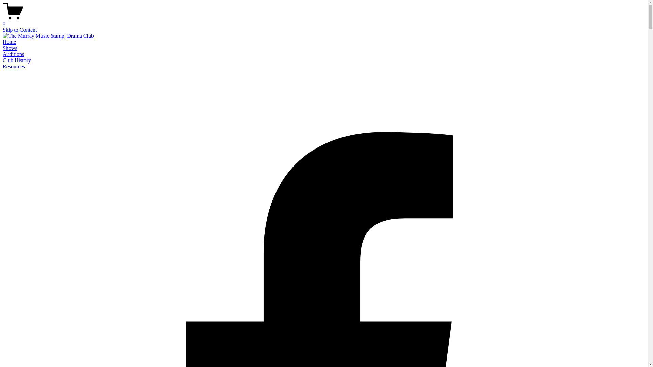 The image size is (653, 367). Describe the element at coordinates (19, 29) in the screenshot. I see `'Skip to Content'` at that location.